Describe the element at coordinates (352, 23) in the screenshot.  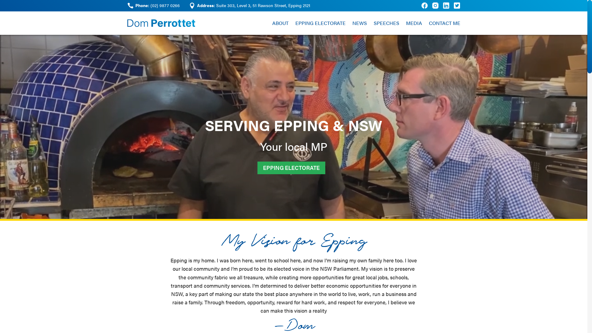
I see `'NEWS'` at that location.